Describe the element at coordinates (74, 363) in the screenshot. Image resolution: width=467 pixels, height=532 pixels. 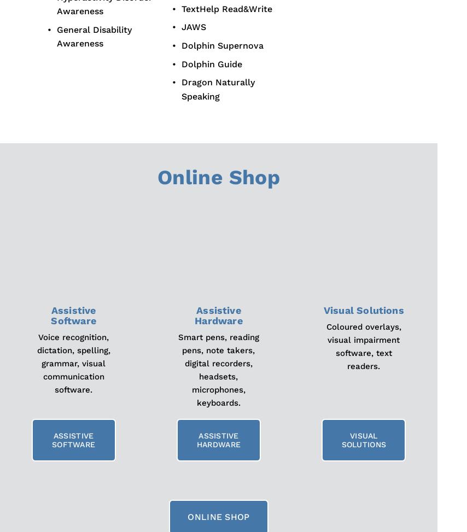
I see `'Voice recognition, dictation, spelling, grammar, visual communication software.'` at that location.